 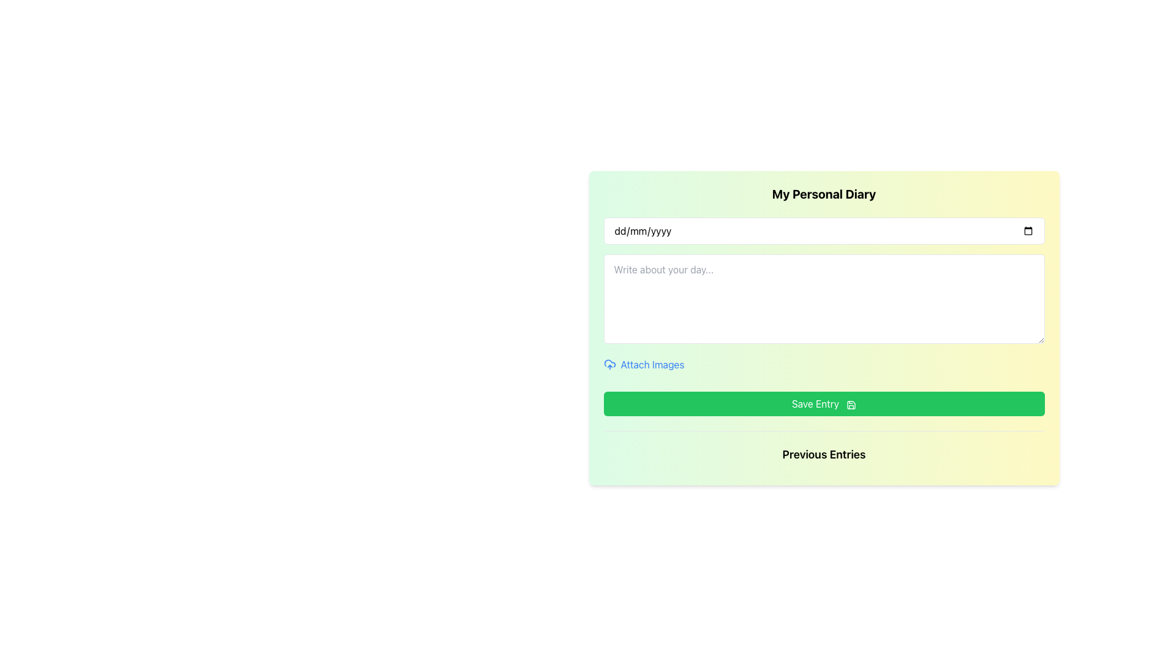 What do you see at coordinates (824, 193) in the screenshot?
I see `the bold-text title labeled 'My Personal Diary' which is positioned at the top of a gradient card layout with a green to yellow background` at bounding box center [824, 193].